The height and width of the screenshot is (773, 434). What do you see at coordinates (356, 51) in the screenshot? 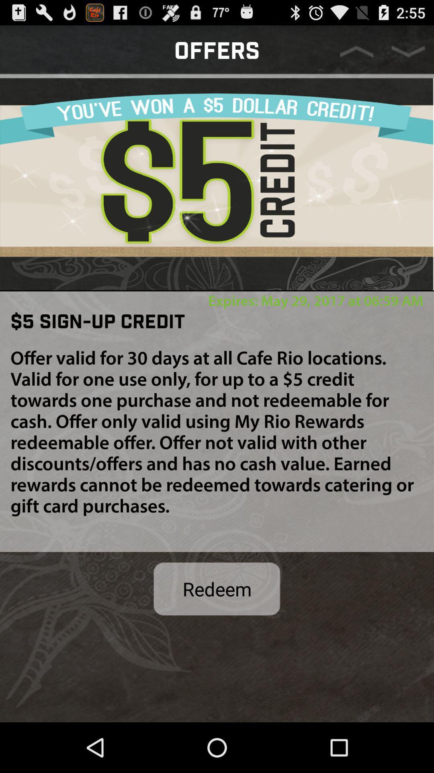
I see `move page up` at bounding box center [356, 51].